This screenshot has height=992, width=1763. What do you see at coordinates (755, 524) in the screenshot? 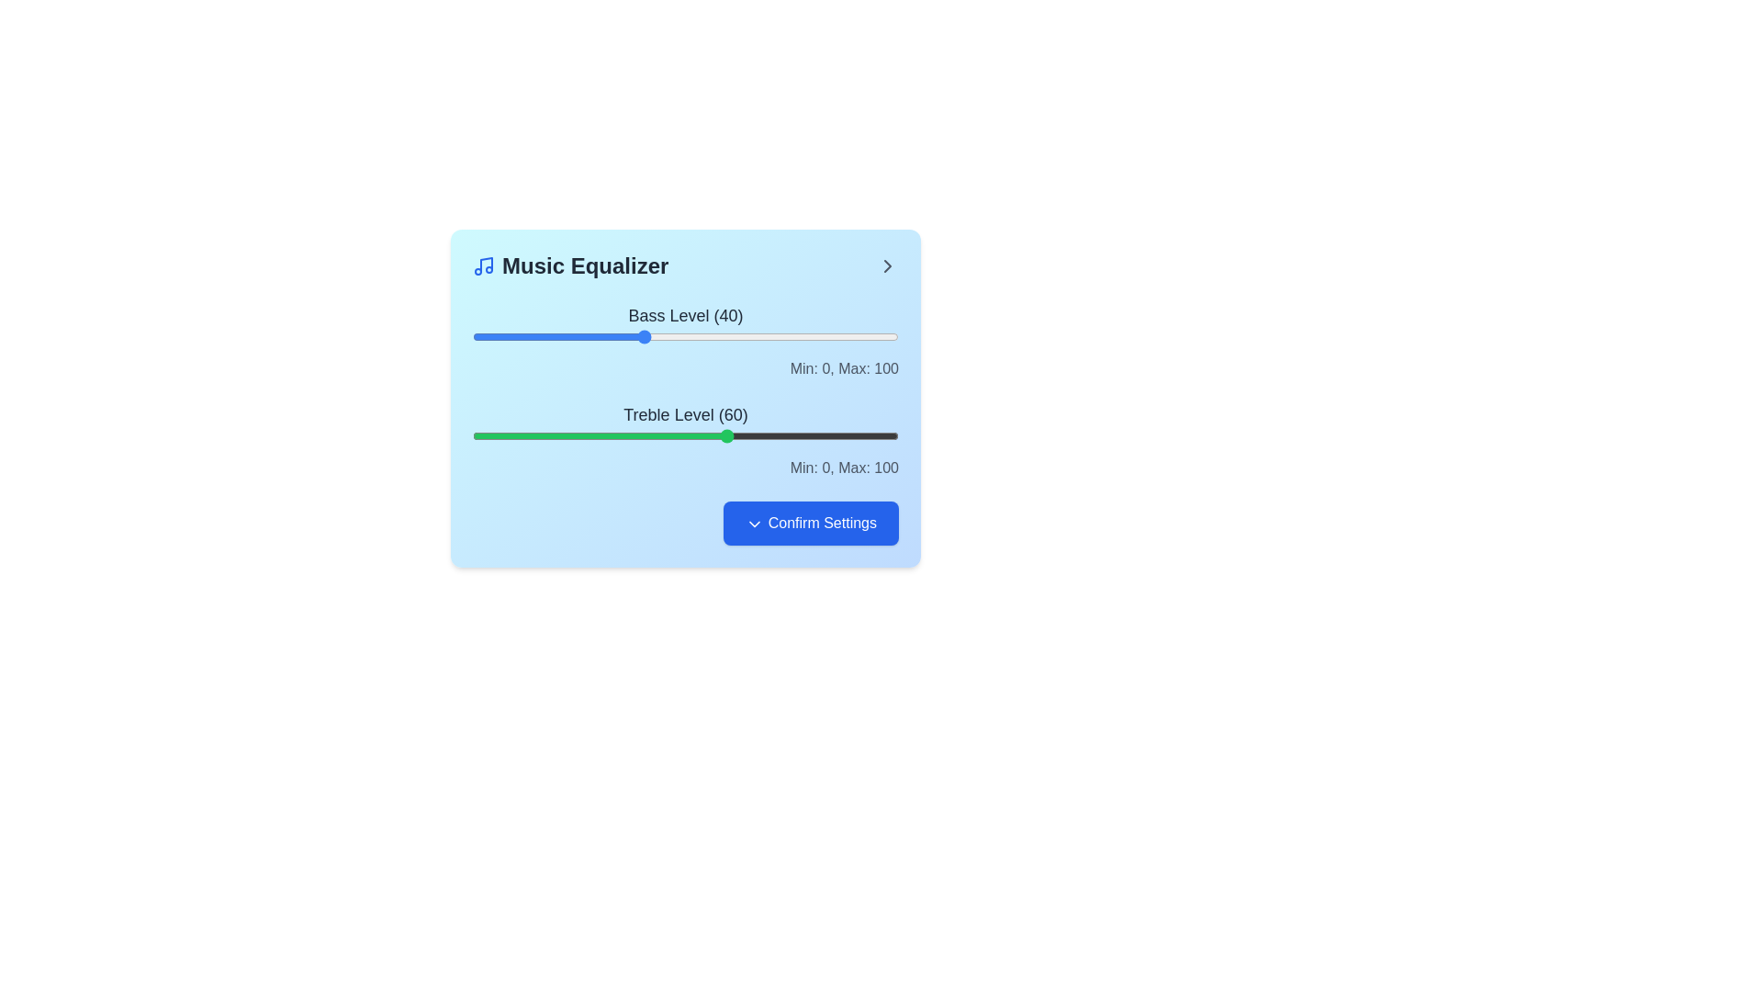
I see `the icon located to the right of the 'Confirm Settings' text within the button, which indicates additional options or functionality` at bounding box center [755, 524].